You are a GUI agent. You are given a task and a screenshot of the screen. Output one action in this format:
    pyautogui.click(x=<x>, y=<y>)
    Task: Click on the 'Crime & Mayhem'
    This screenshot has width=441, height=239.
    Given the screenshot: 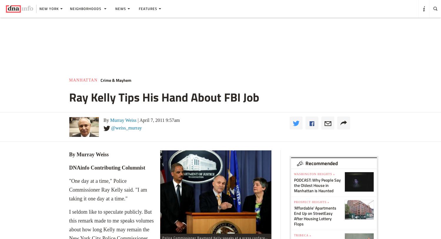 What is the action you would take?
    pyautogui.click(x=116, y=80)
    